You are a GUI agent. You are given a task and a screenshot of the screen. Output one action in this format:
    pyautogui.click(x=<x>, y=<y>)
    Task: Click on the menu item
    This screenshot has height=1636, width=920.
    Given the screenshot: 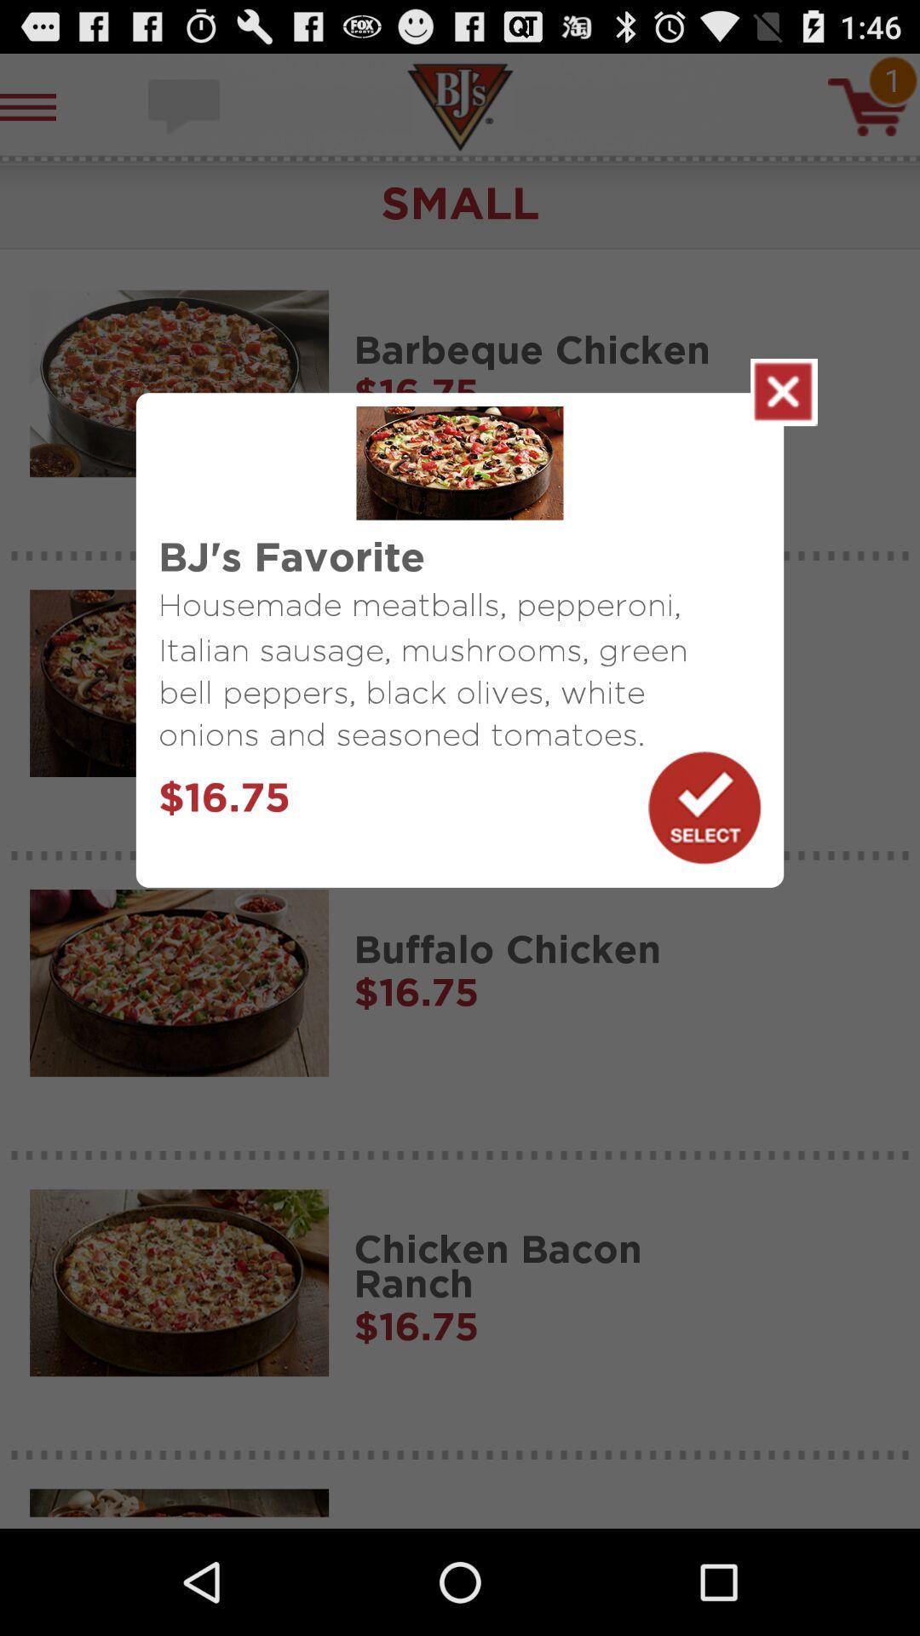 What is the action you would take?
    pyautogui.click(x=784, y=391)
    